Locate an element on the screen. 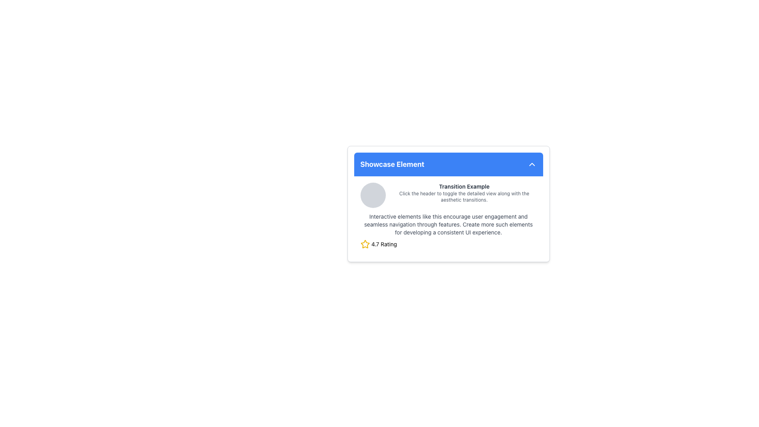 The width and height of the screenshot is (759, 427). text block that contains 'Transition Example' in bold black text and a descriptive sentence in gray text, positioned centrally below the blue header labeled 'Showcase Element' is located at coordinates (464, 193).